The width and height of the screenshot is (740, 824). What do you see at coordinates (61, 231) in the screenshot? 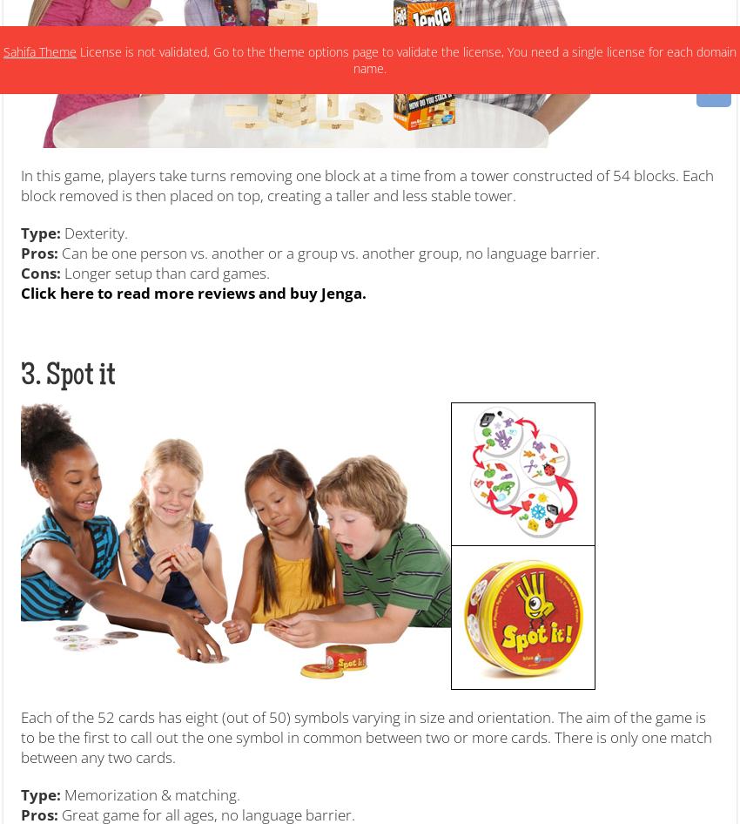
I see `'Dexterity.'` at bounding box center [61, 231].